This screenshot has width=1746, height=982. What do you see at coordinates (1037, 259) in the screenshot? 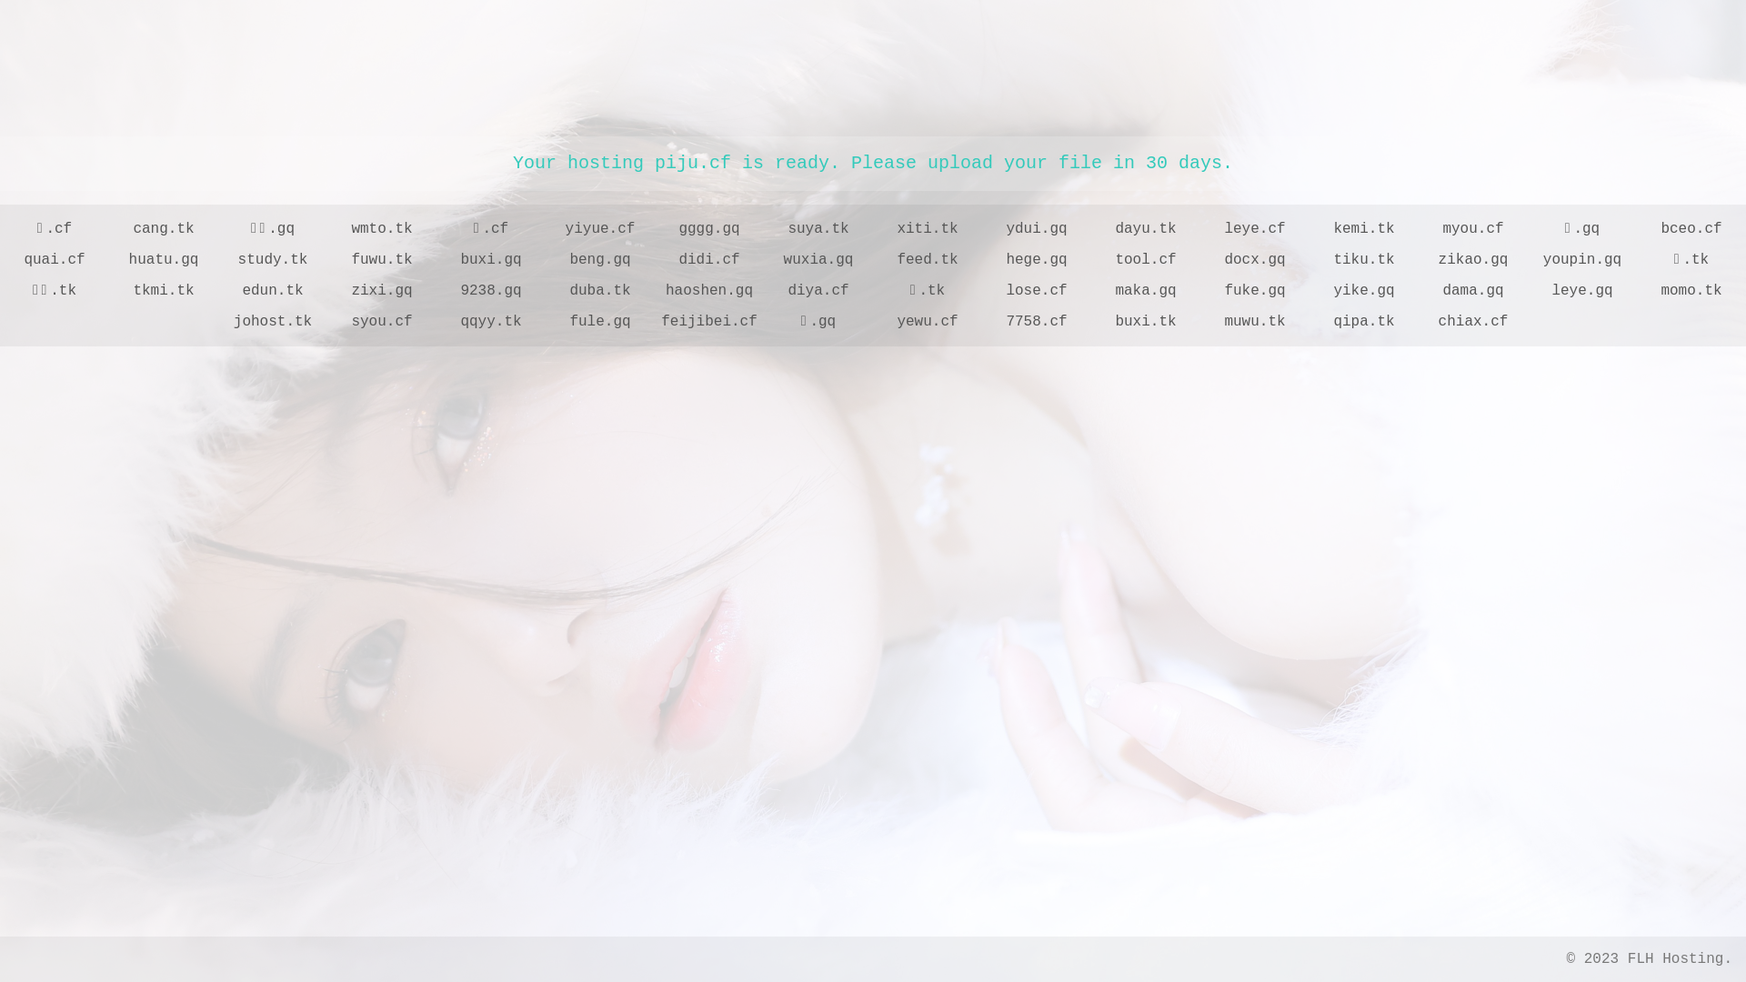
I see `'hege.gq'` at bounding box center [1037, 259].